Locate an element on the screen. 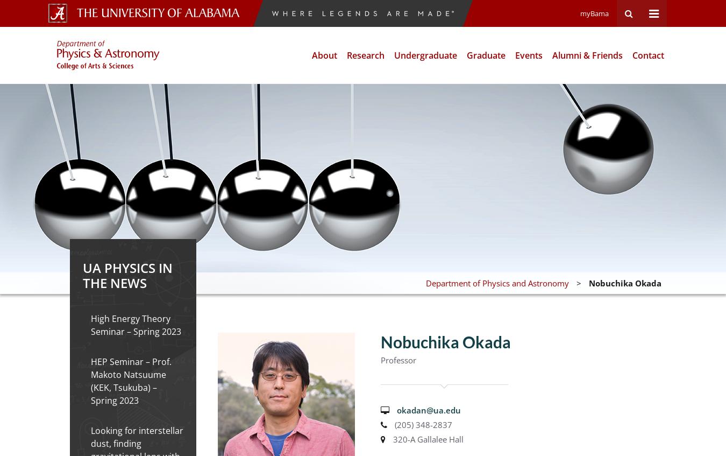 The image size is (726, 456). '320-A Gallalee Hall' is located at coordinates (426, 439).